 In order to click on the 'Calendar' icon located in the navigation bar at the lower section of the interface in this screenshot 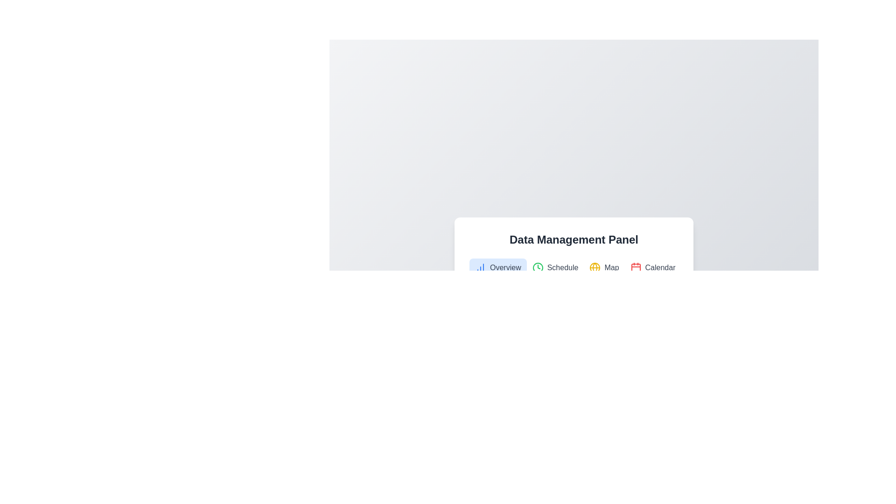, I will do `click(635, 268)`.